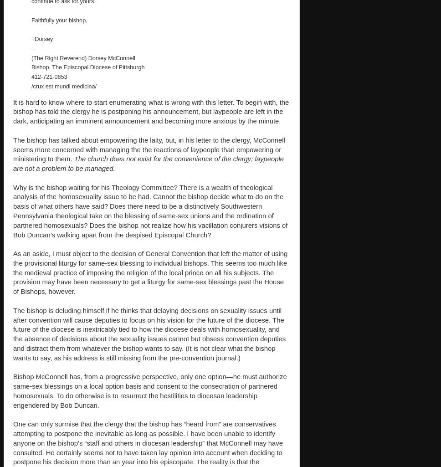 The height and width of the screenshot is (467, 441). Describe the element at coordinates (151, 111) in the screenshot. I see `'It is hard to know where to start enumerating what is wrong with this letter. To begin with, the bishop has told the clergy he is postponing his announcement, but laypeople are left in the dark, anticipating an imminent announcement and becoming more anxious by the minute.'` at that location.